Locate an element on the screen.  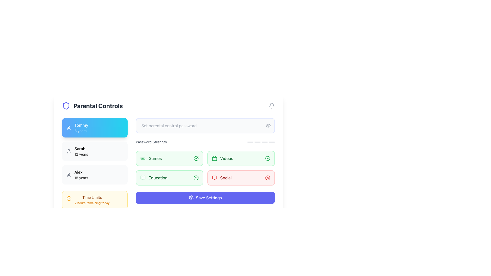
text content of the 'Password Strength' label, which is displayed in a small, gray italic font on a white background, located to the right of the 'Set parental control password' text field is located at coordinates (151, 142).